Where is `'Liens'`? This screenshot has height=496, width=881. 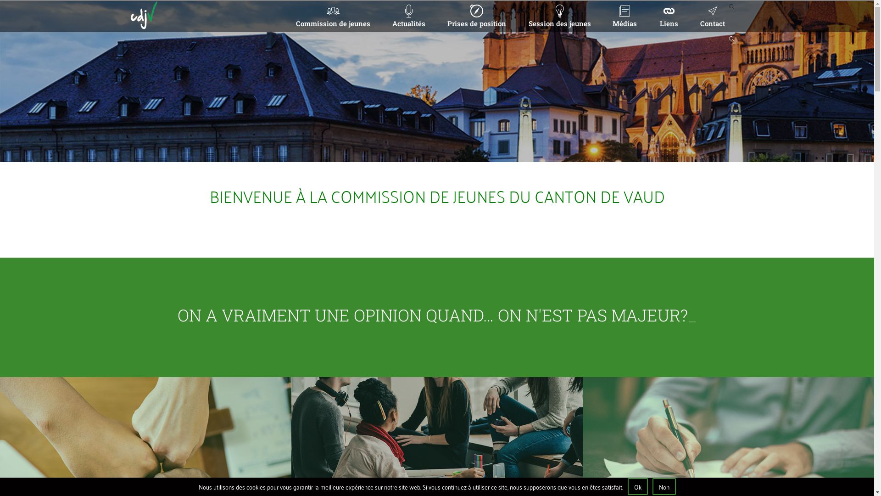
'Liens' is located at coordinates (669, 16).